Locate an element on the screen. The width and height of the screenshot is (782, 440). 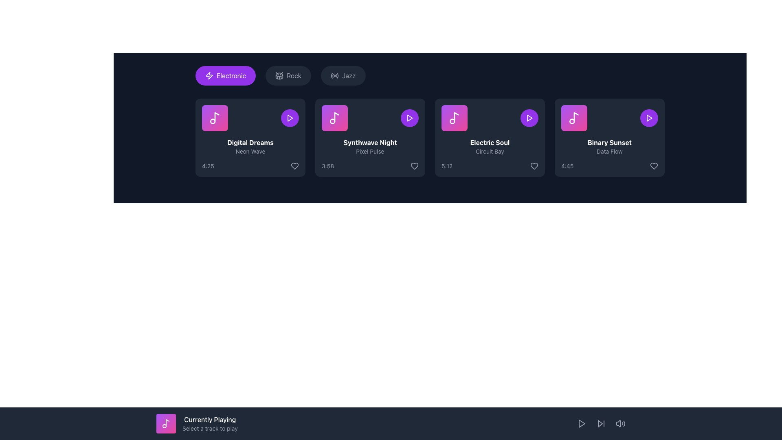
the 'Rock' category button, which is a rounded rectangular button with a dark-gray background and the text 'Rock' in light-gray color, positioned between the 'Electronic' and 'Jazz' buttons is located at coordinates (294, 75).